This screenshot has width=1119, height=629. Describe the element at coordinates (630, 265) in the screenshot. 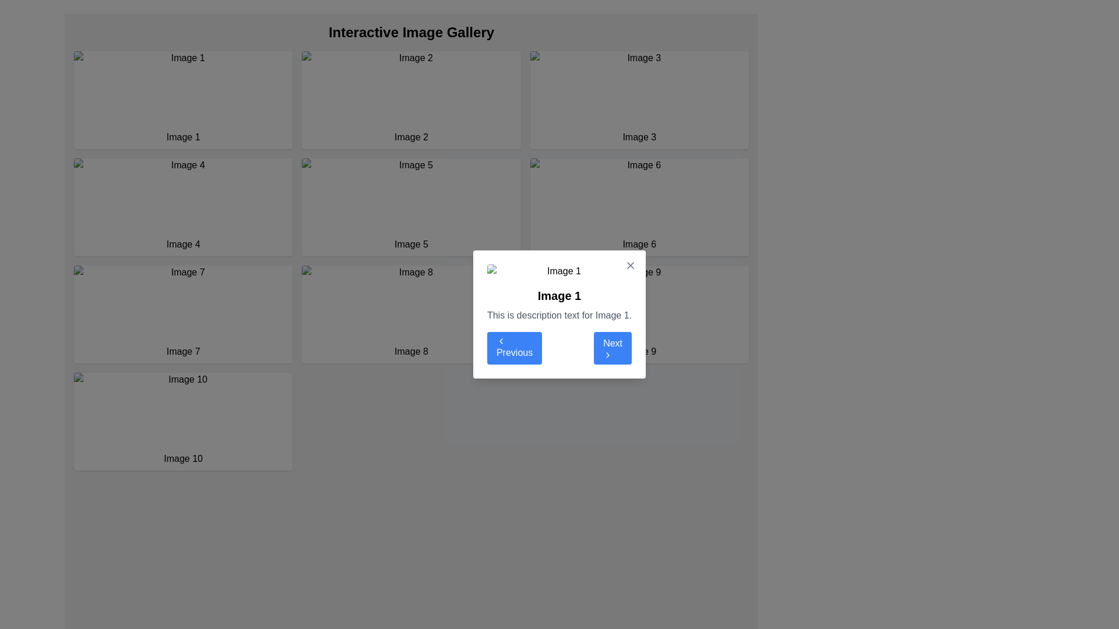

I see `the close button in the top-right corner of the modal dialog box, which is styled as a minimalistic vector graphic icon resembling a cross` at that location.